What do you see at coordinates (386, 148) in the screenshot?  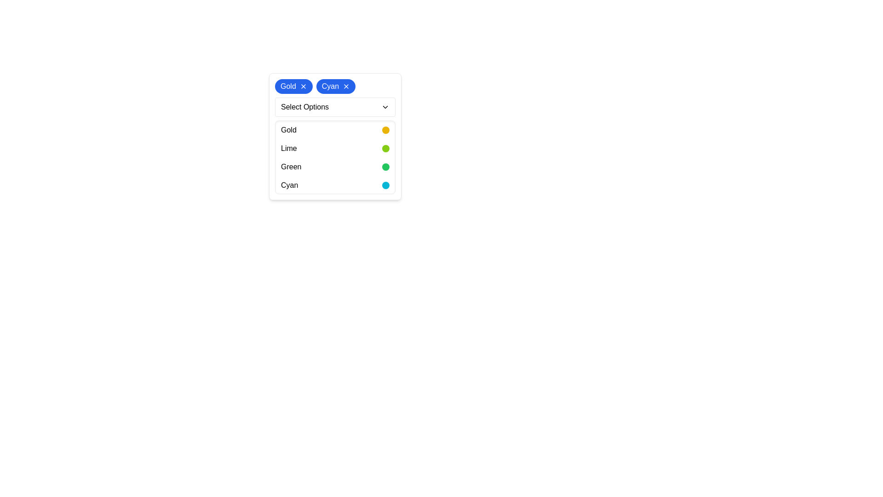 I see `the color indicator that visually represents lime green, located to the right of the 'Lime' text in the dropdown list` at bounding box center [386, 148].